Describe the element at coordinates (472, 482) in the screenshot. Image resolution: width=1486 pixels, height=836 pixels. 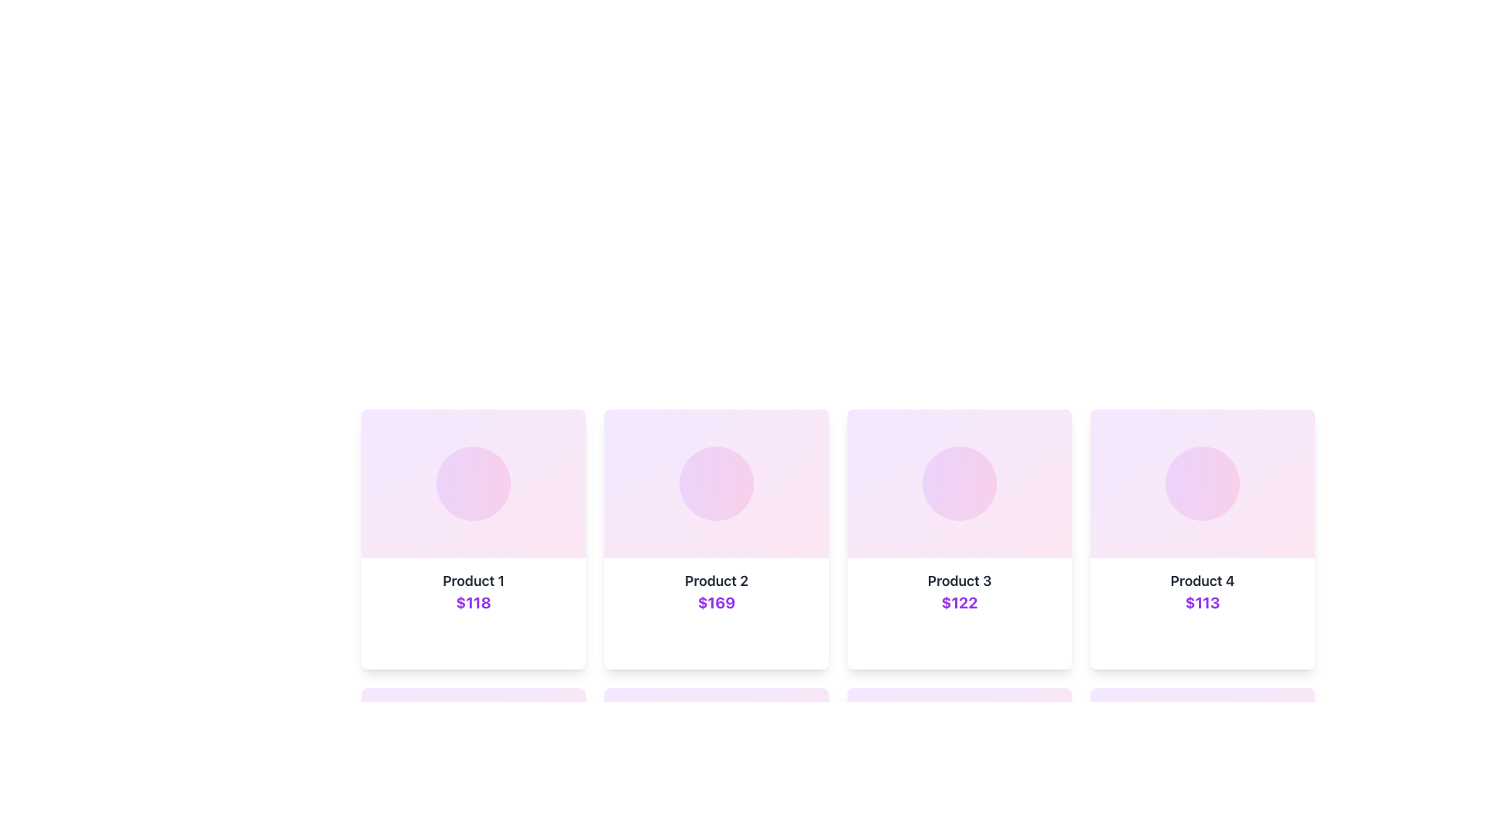
I see `the decorative element located in the upper section of the 'Product 1' card, which enhances the card's appearance` at that location.